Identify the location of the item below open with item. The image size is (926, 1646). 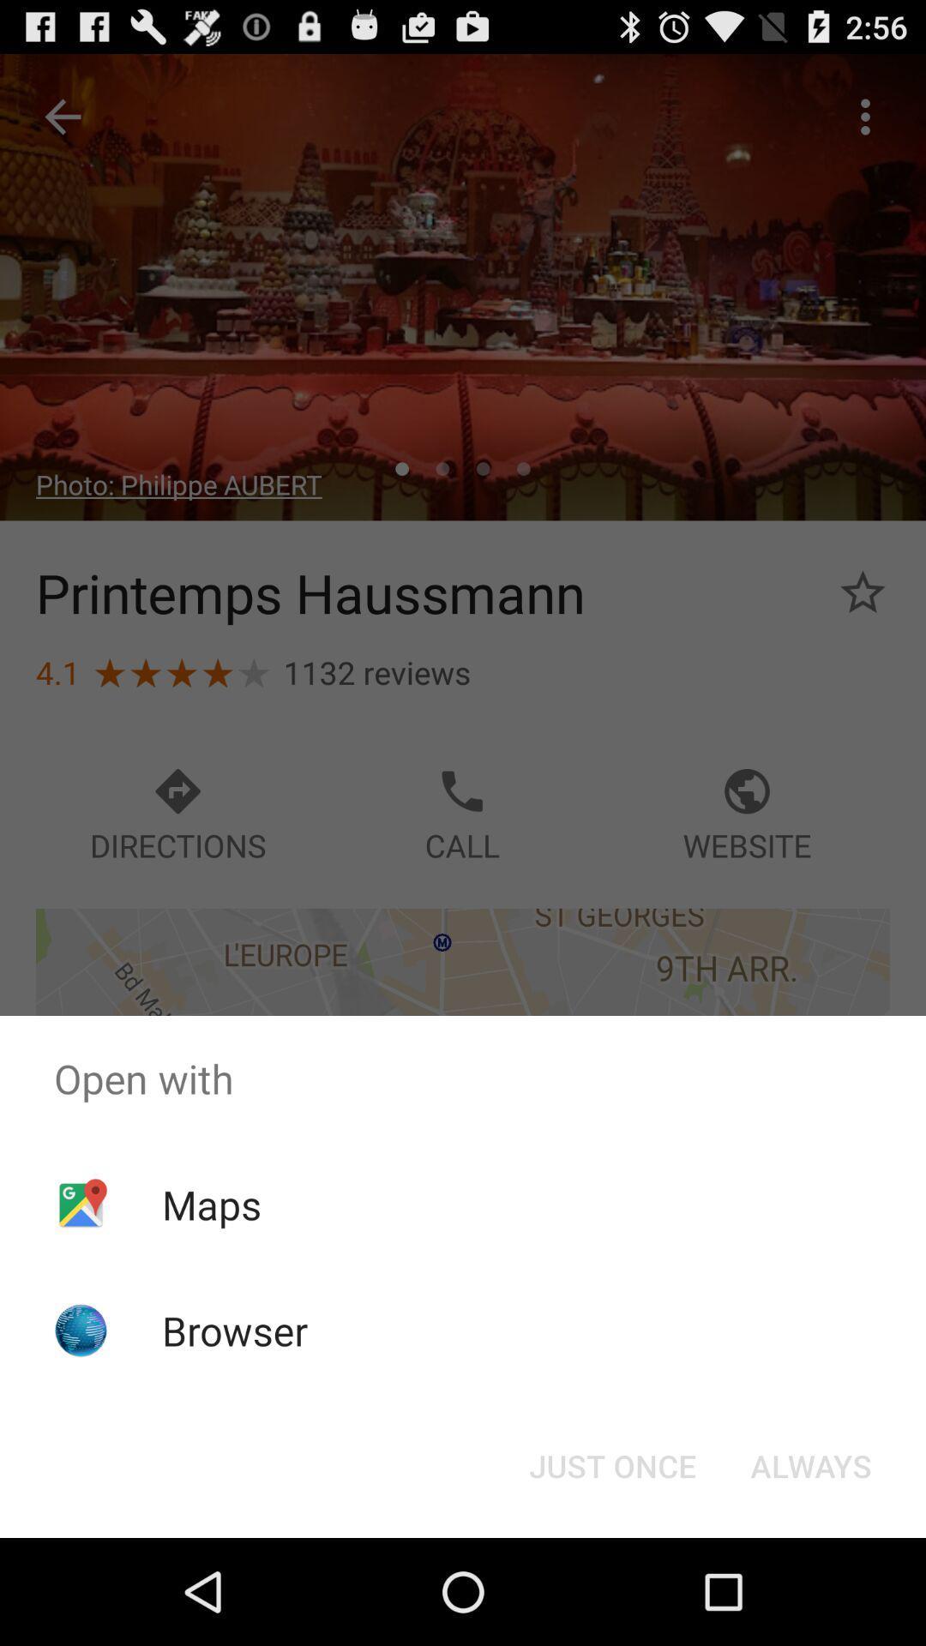
(810, 1464).